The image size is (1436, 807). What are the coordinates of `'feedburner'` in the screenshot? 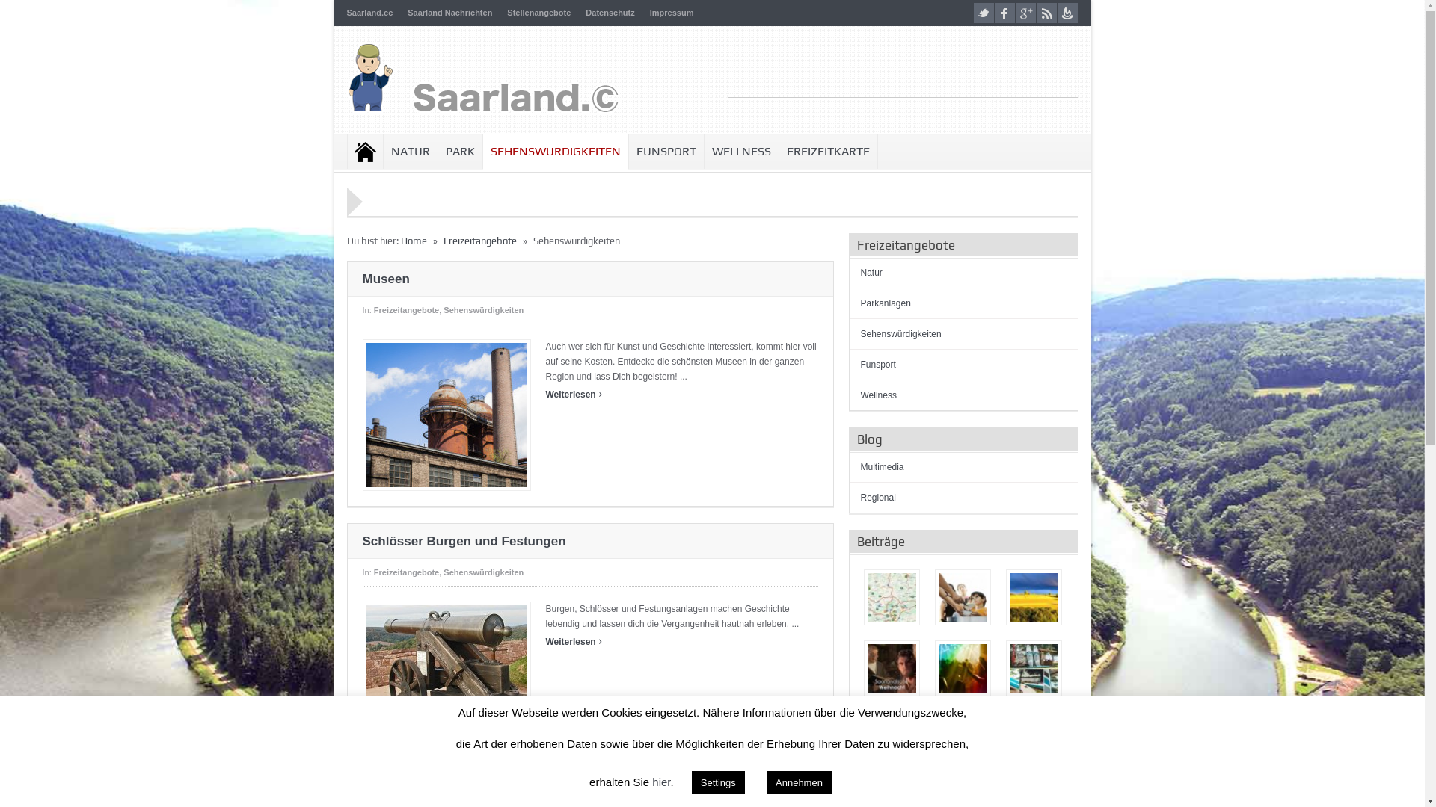 It's located at (1067, 13).